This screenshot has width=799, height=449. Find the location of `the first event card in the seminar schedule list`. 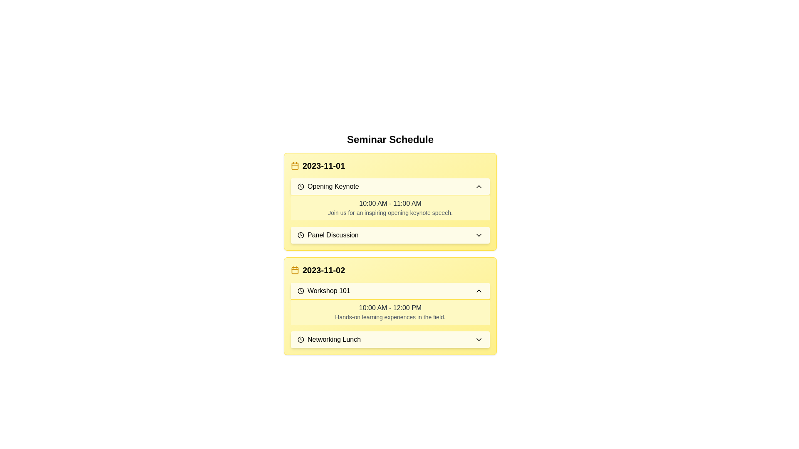

the first event card in the seminar schedule list is located at coordinates (390, 202).